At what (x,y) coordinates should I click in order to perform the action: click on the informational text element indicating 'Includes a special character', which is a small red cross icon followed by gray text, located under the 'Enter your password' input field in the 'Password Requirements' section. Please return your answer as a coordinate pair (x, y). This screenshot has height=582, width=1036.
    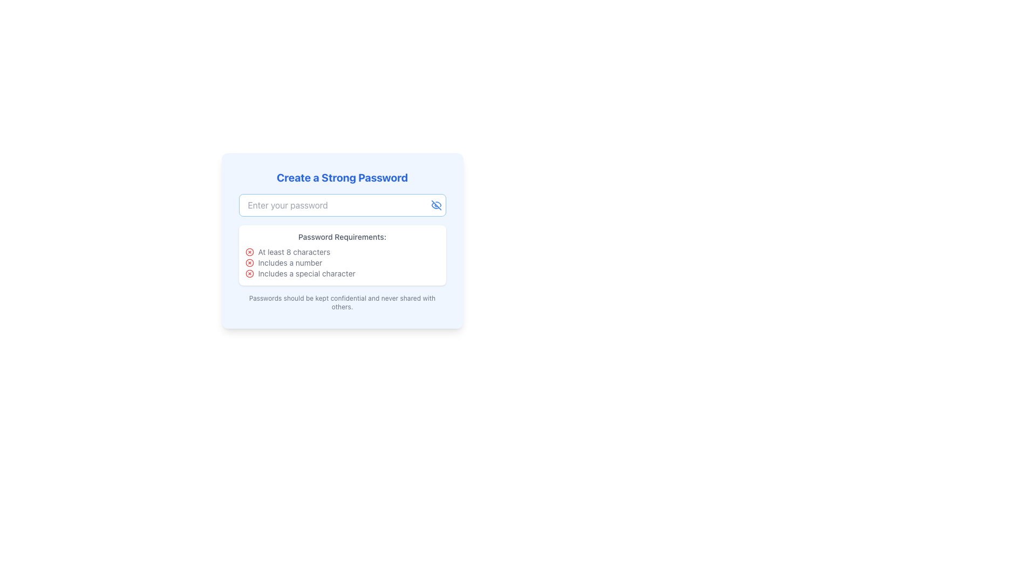
    Looking at the image, I should click on (342, 273).